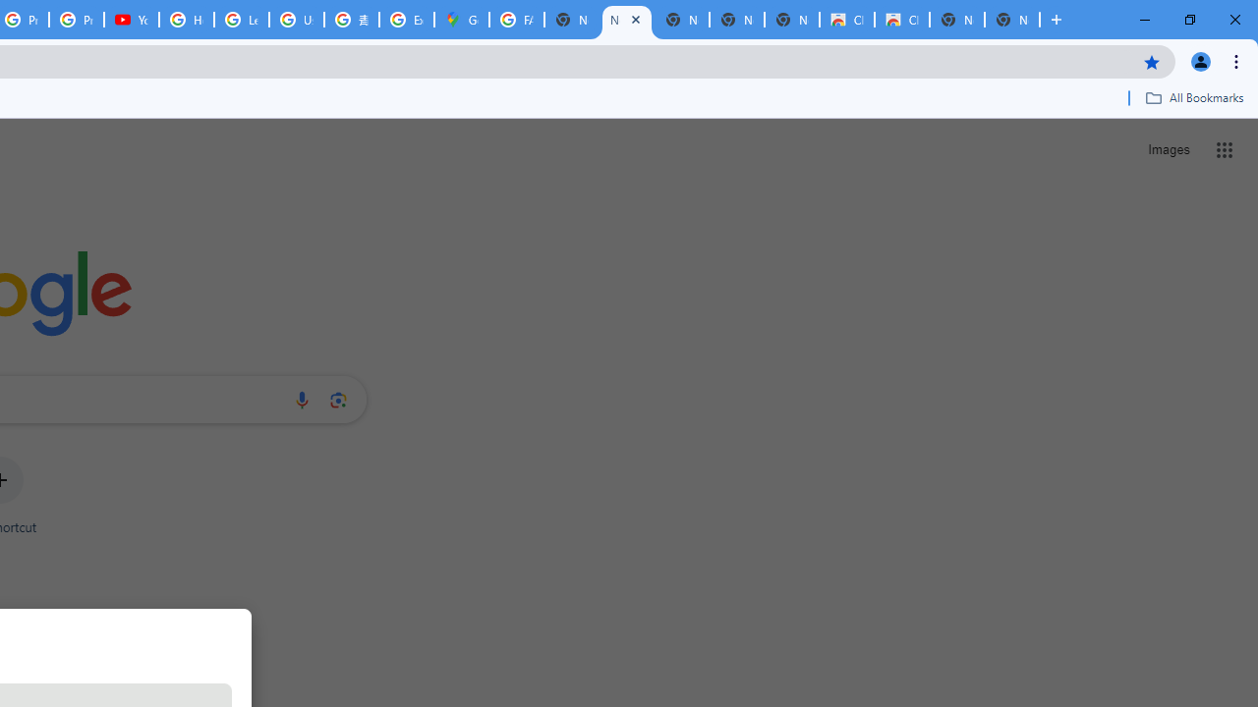 This screenshot has width=1258, height=707. I want to click on 'Google Maps', so click(460, 20).